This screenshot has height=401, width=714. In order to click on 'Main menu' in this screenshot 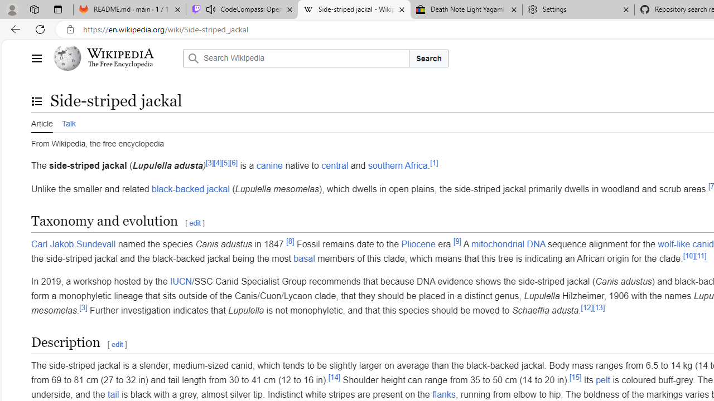, I will do `click(36, 58)`.